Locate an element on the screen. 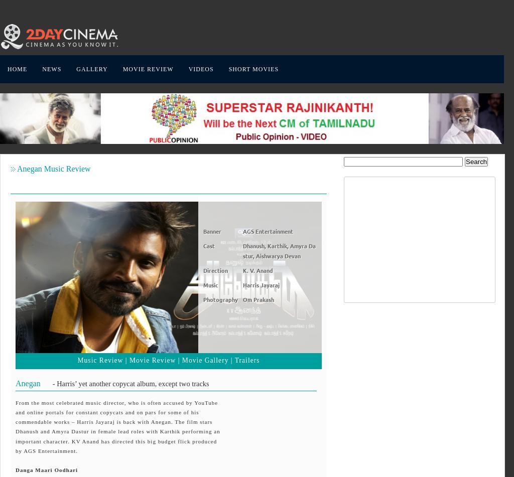 Image resolution: width=514 pixels, height=477 pixels. 'GALLERY' is located at coordinates (91, 69).